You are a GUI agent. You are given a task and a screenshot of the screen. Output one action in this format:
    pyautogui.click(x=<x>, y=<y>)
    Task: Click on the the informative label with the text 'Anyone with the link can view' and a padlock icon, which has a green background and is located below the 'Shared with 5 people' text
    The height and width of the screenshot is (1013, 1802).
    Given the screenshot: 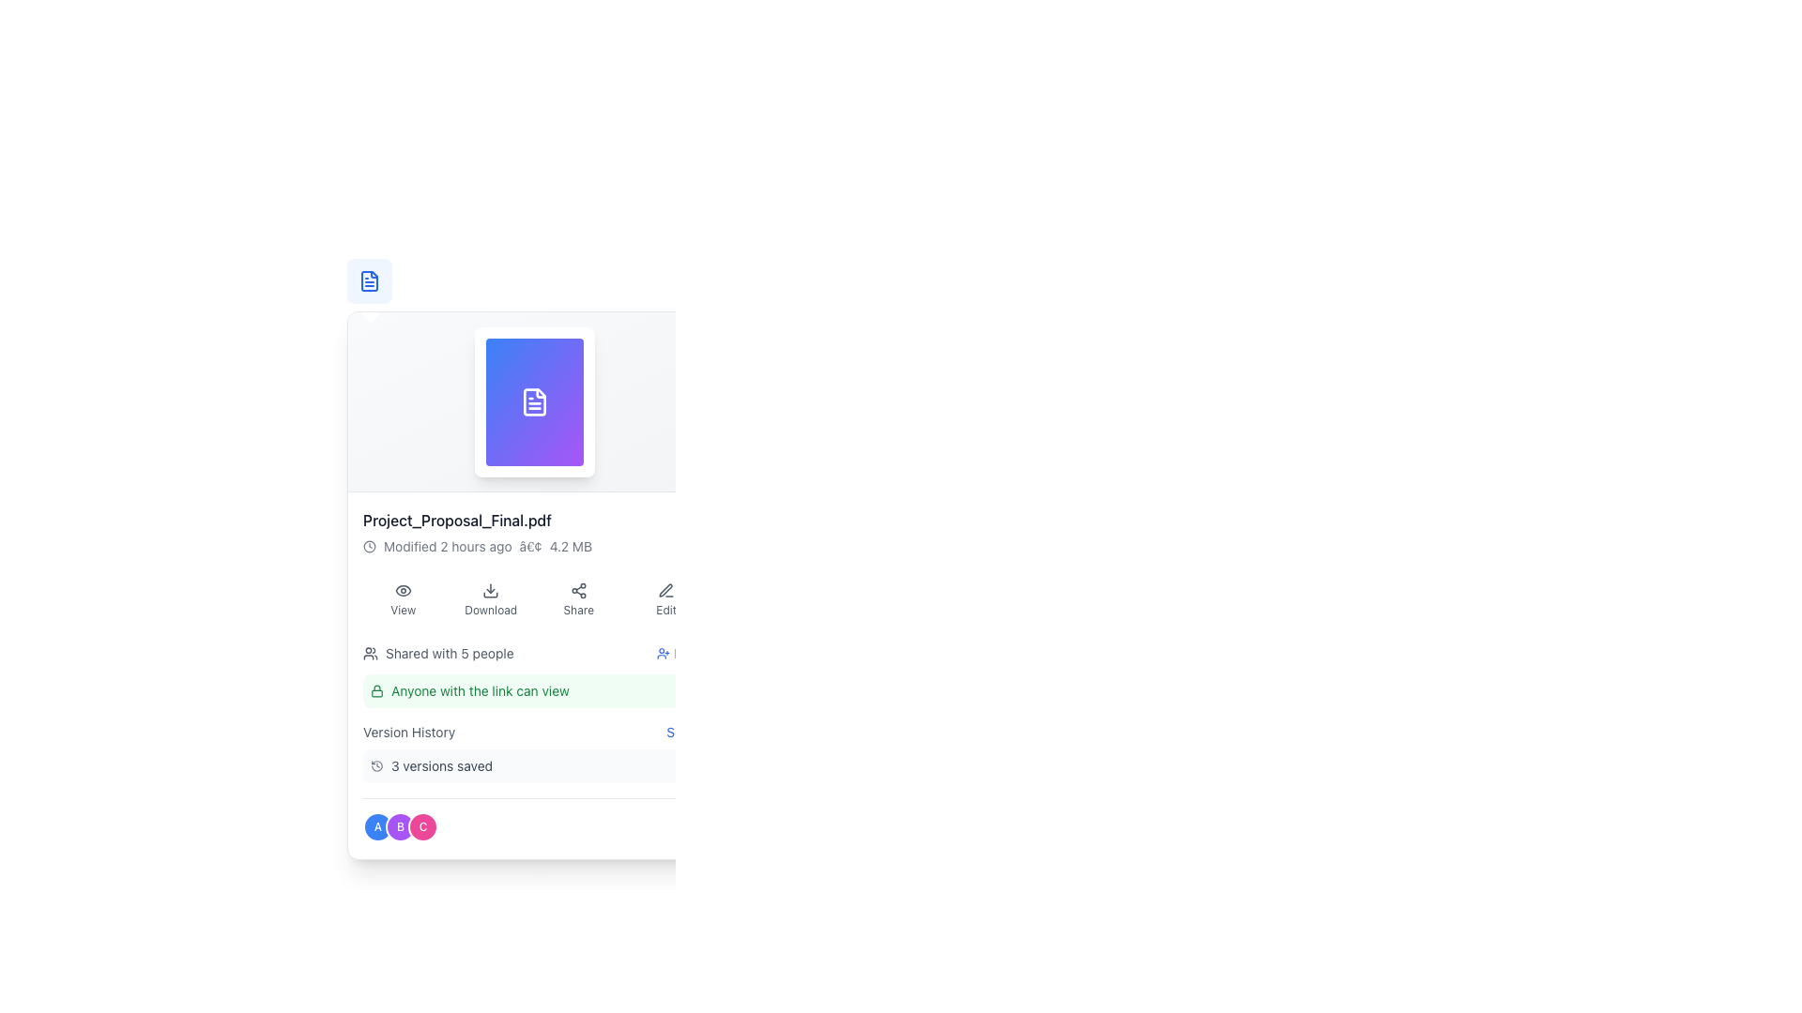 What is the action you would take?
    pyautogui.click(x=534, y=690)
    